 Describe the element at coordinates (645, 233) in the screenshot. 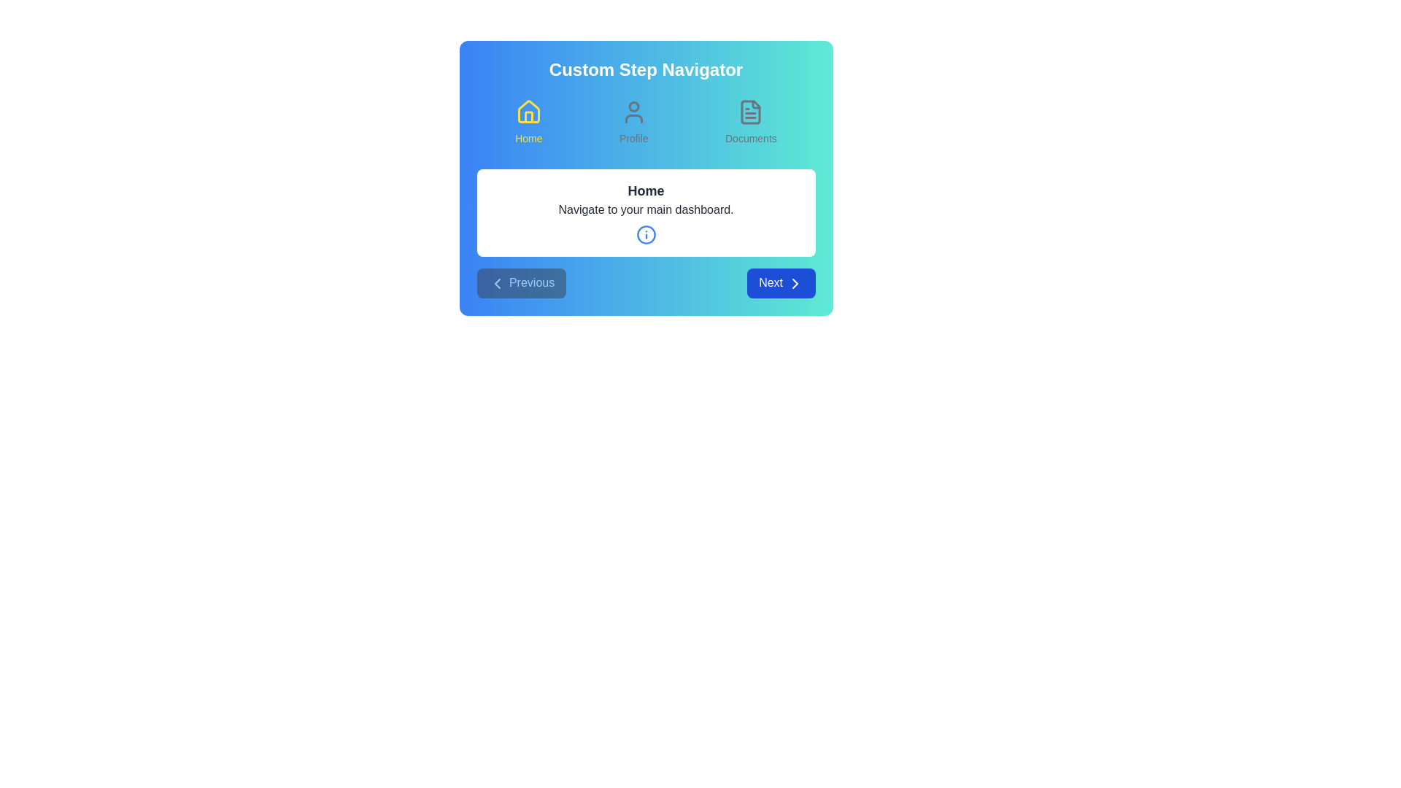

I see `the Info icon to access detailed information about the current step` at that location.